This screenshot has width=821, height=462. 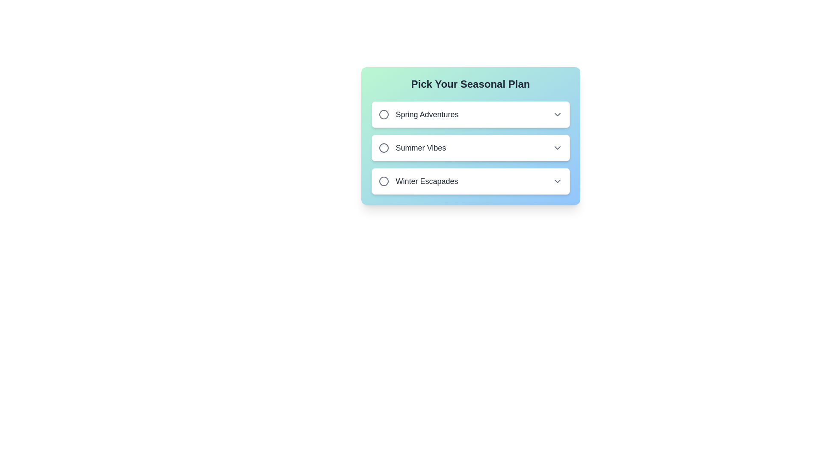 What do you see at coordinates (470, 181) in the screenshot?
I see `the 'Winter Escapades' button, which is the third option below 'Pick Your Seasonal Plan'` at bounding box center [470, 181].